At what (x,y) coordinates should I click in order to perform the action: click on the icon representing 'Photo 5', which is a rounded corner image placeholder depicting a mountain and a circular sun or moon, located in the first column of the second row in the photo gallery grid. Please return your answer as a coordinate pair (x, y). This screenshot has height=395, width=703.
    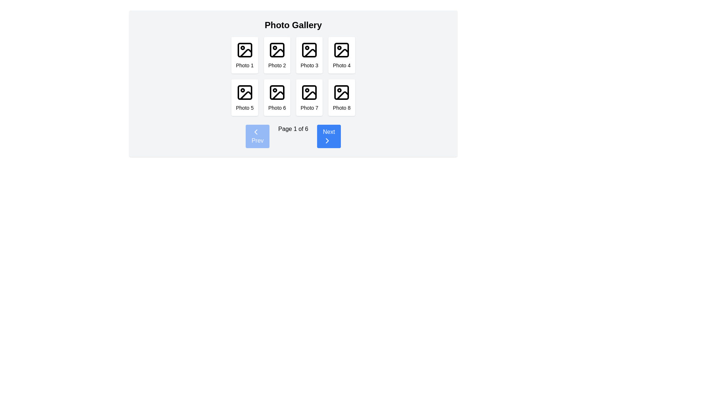
    Looking at the image, I should click on (245, 92).